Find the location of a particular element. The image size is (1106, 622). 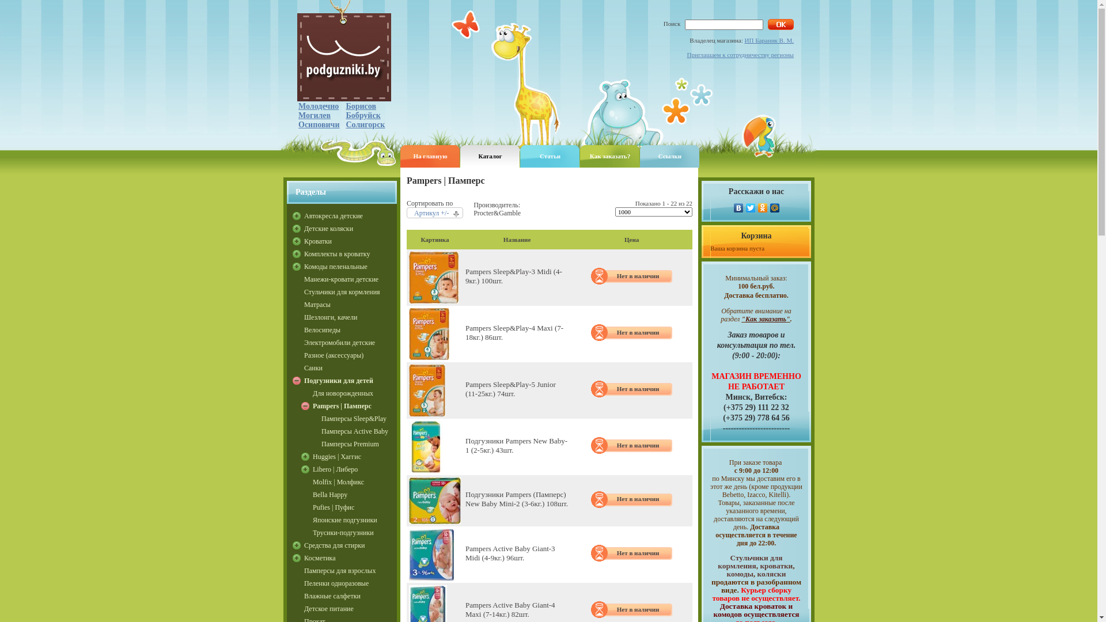

'Bella Happy' is located at coordinates (354, 494).